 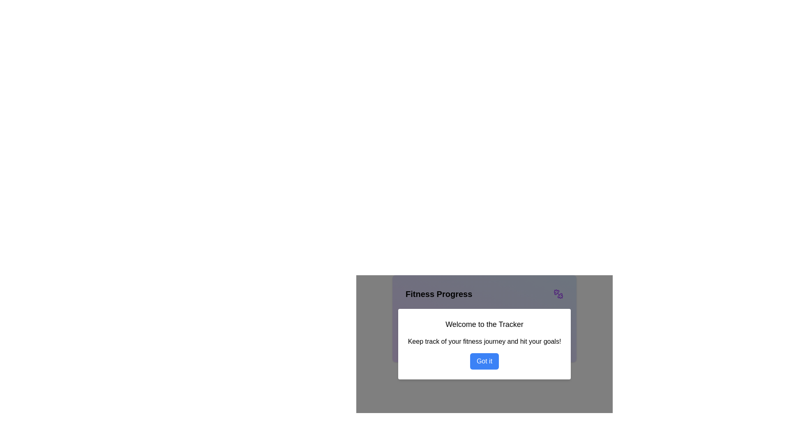 What do you see at coordinates (484, 339) in the screenshot?
I see `the informational block that welcomes users to the tracker feature to understand the welcome message` at bounding box center [484, 339].